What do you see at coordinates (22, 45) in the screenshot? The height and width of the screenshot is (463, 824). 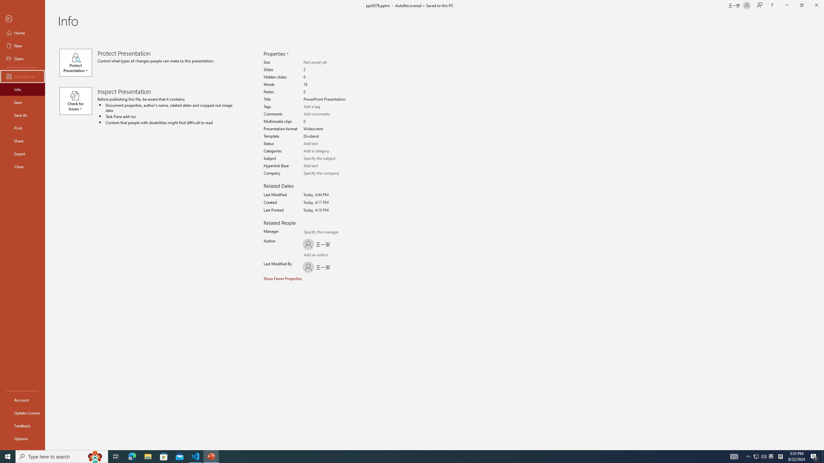 I see `'New'` at bounding box center [22, 45].